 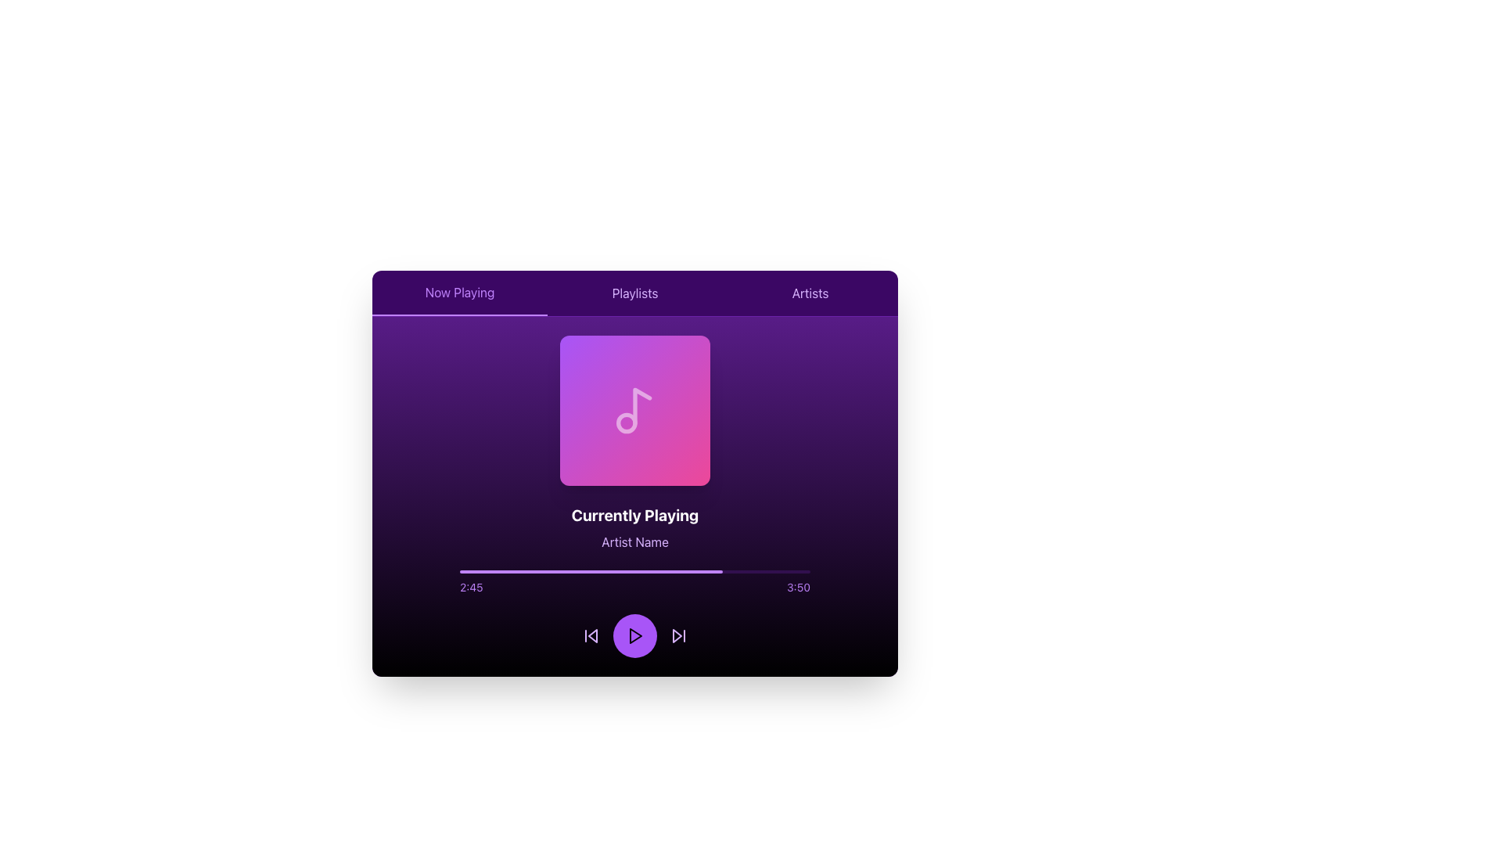 What do you see at coordinates (470, 588) in the screenshot?
I see `the Text Label displaying the current playback time '2:45' in light purple on a dark background, located in the bottom-left section of the media player interface` at bounding box center [470, 588].